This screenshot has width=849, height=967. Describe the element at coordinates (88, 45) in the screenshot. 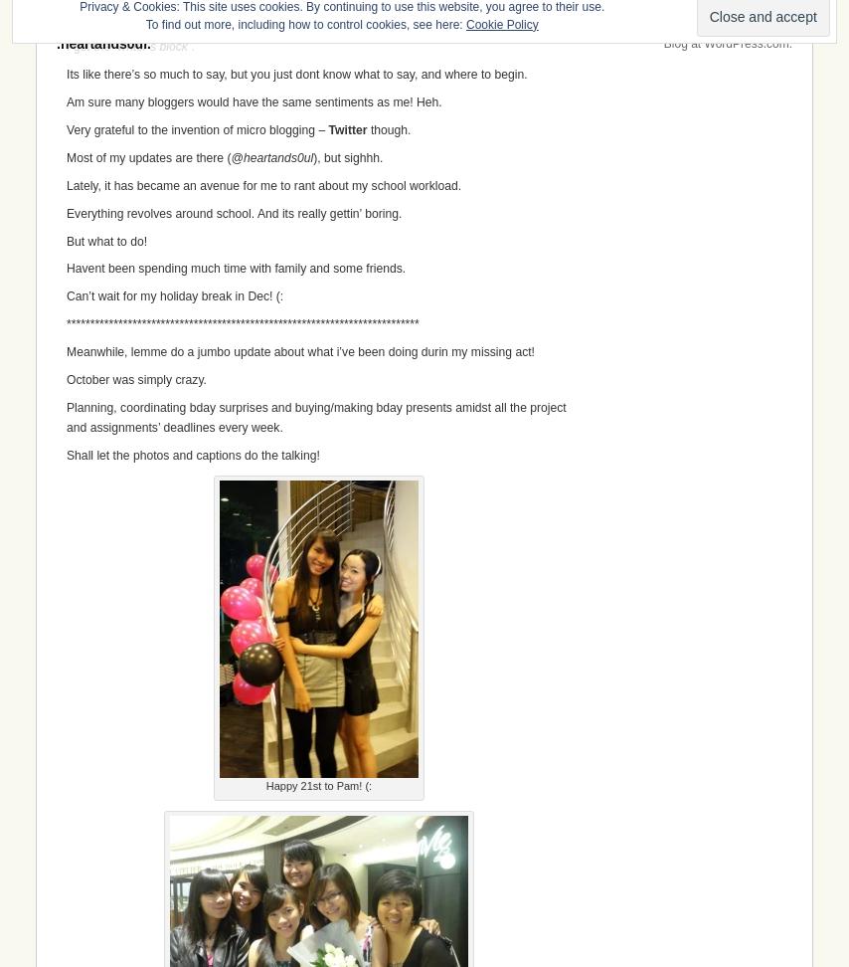

I see `'I get the'` at that location.